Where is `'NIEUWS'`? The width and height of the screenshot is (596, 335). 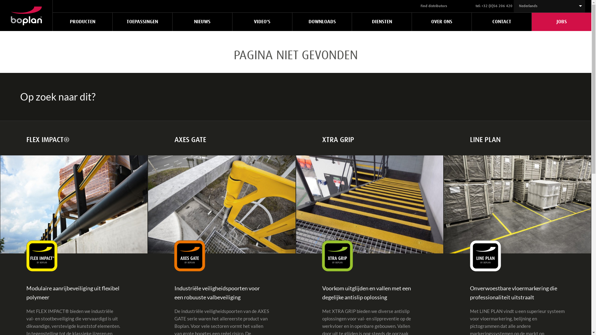 'NIEUWS' is located at coordinates (202, 21).